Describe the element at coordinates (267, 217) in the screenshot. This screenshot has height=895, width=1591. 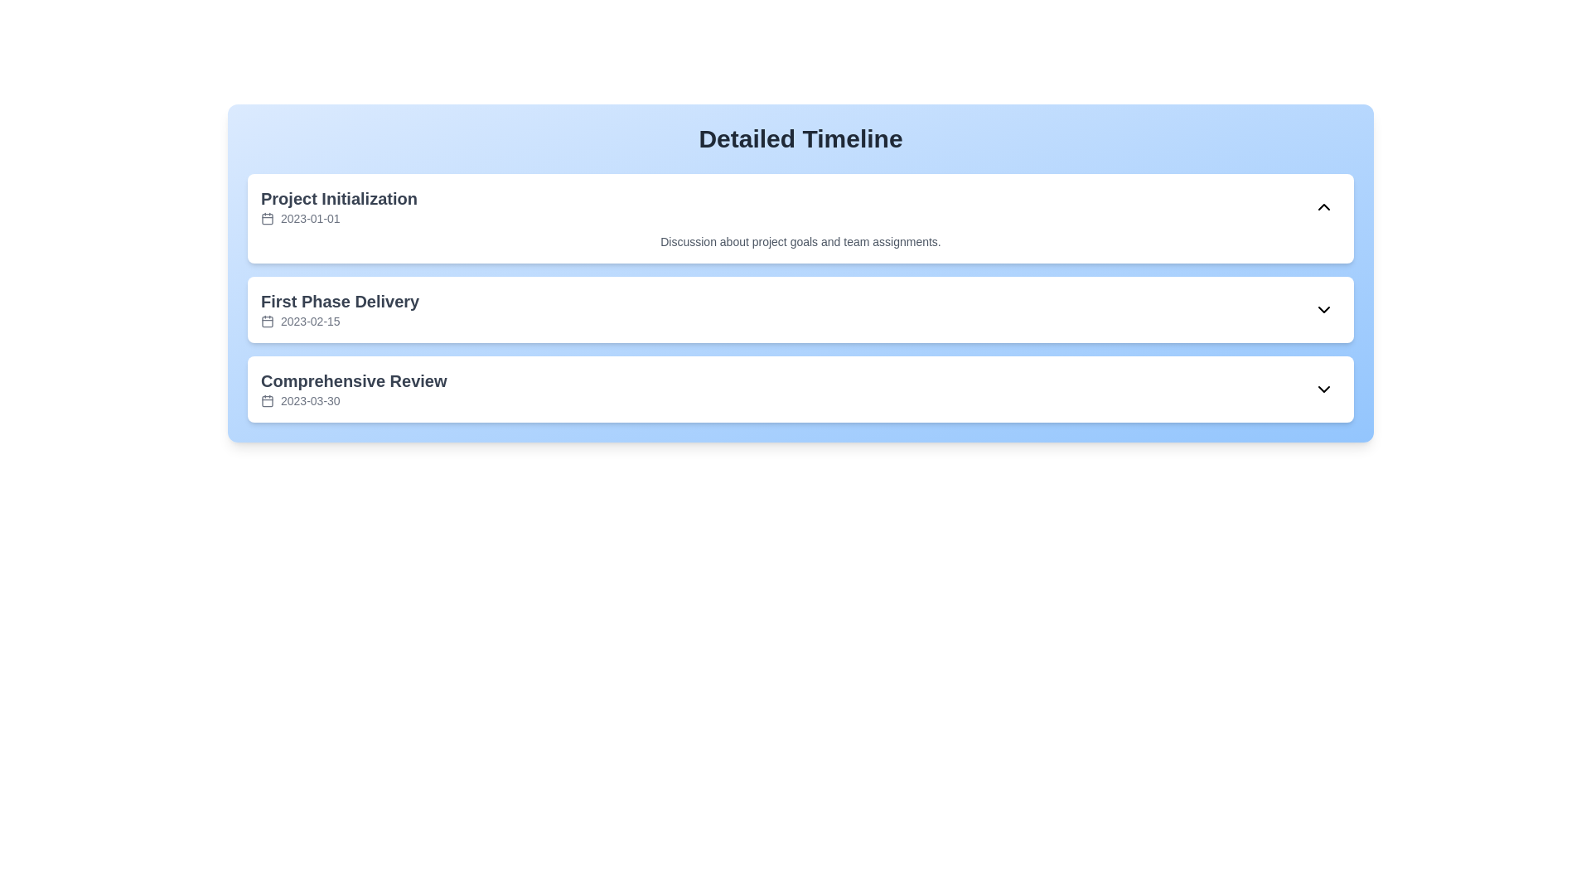
I see `the SVG graphic element that represents the main frame of the calendar icon, located adjacent to the '2023-01-01' text` at that location.